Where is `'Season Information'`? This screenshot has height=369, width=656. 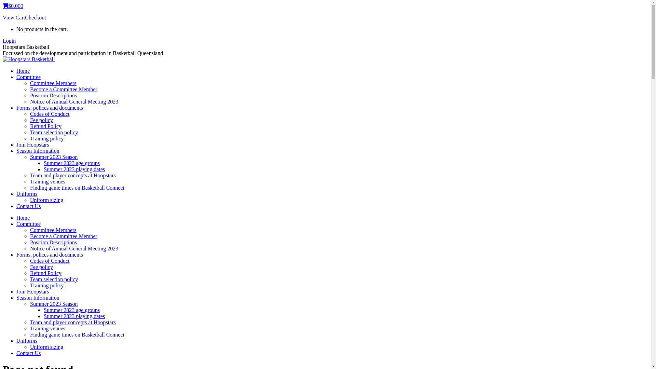 'Season Information' is located at coordinates (37, 297).